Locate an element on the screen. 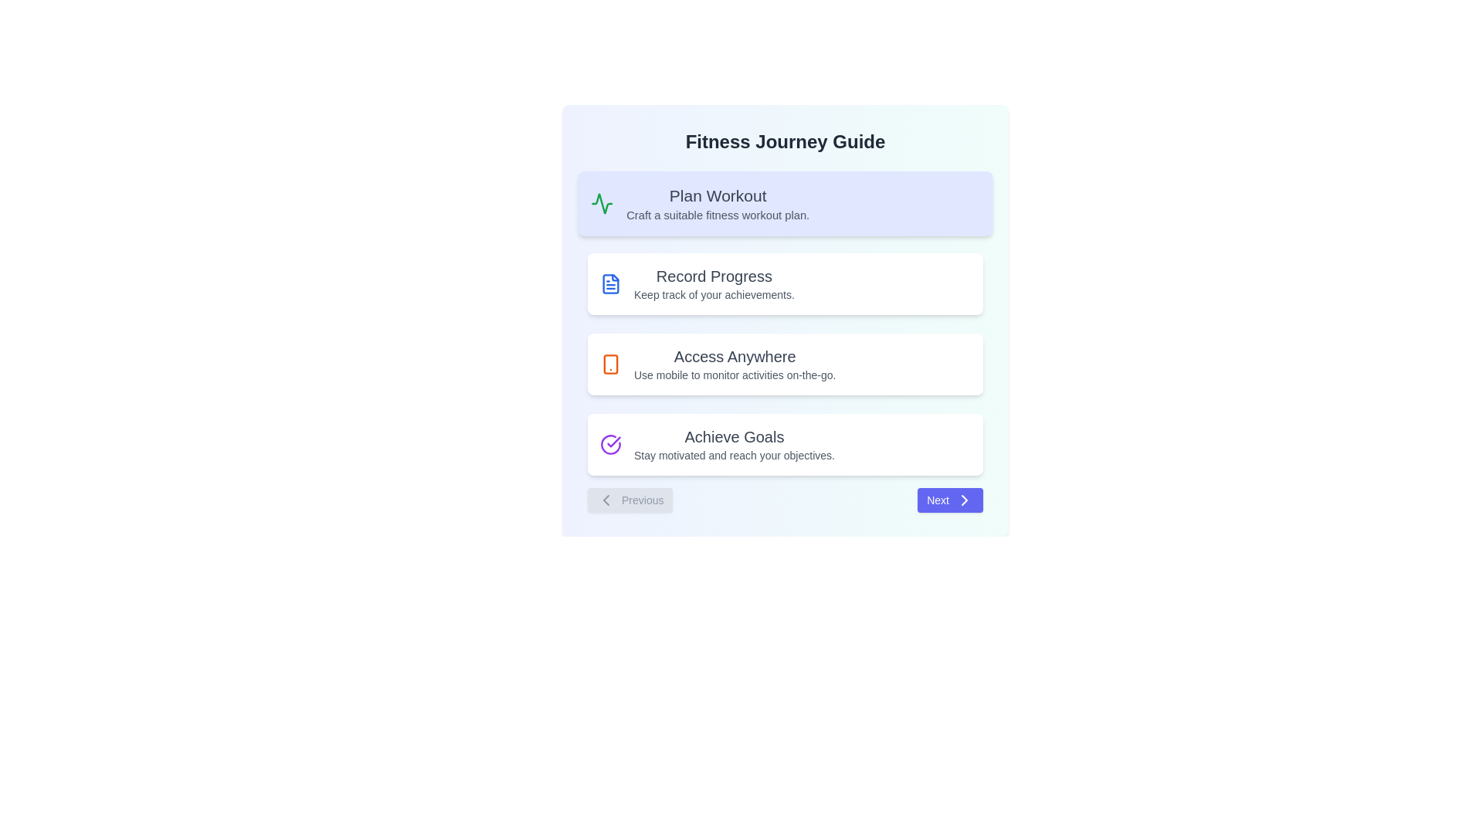  the third card in the vertical list that describes the feature of monitoring activities remotely through a mobile device, positioned between 'Record Progress' and 'Achieve Goals' is located at coordinates (786, 364).